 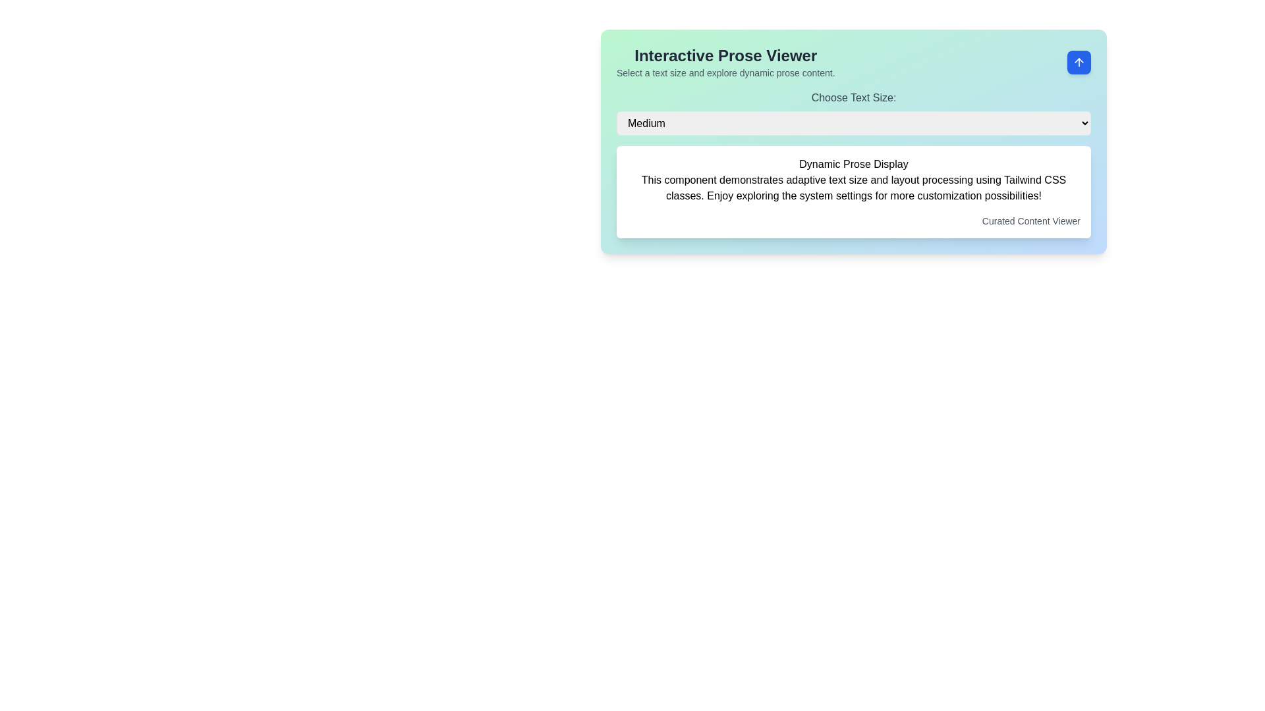 I want to click on the upward-facing arrow button located in the top-right section of the 'Interactive Prose Viewer', so click(x=1079, y=63).